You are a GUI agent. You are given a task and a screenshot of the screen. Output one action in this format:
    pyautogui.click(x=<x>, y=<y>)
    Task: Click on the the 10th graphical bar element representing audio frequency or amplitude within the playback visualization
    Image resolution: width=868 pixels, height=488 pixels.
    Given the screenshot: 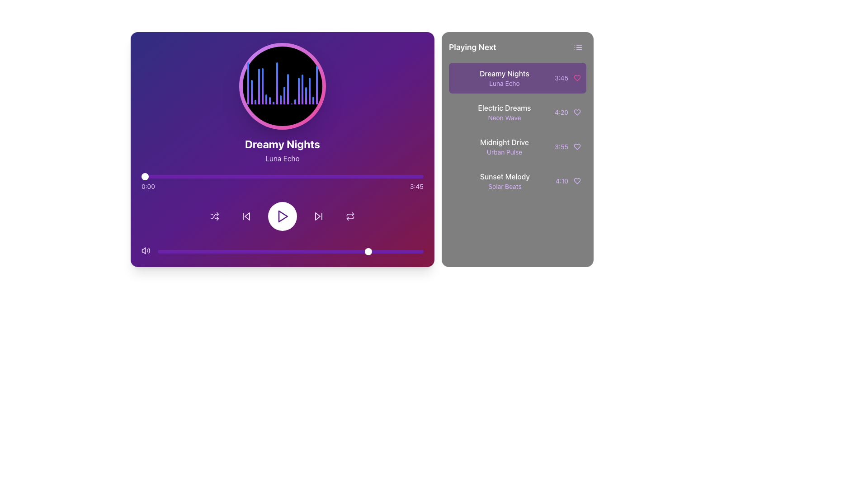 What is the action you would take?
    pyautogui.click(x=280, y=100)
    